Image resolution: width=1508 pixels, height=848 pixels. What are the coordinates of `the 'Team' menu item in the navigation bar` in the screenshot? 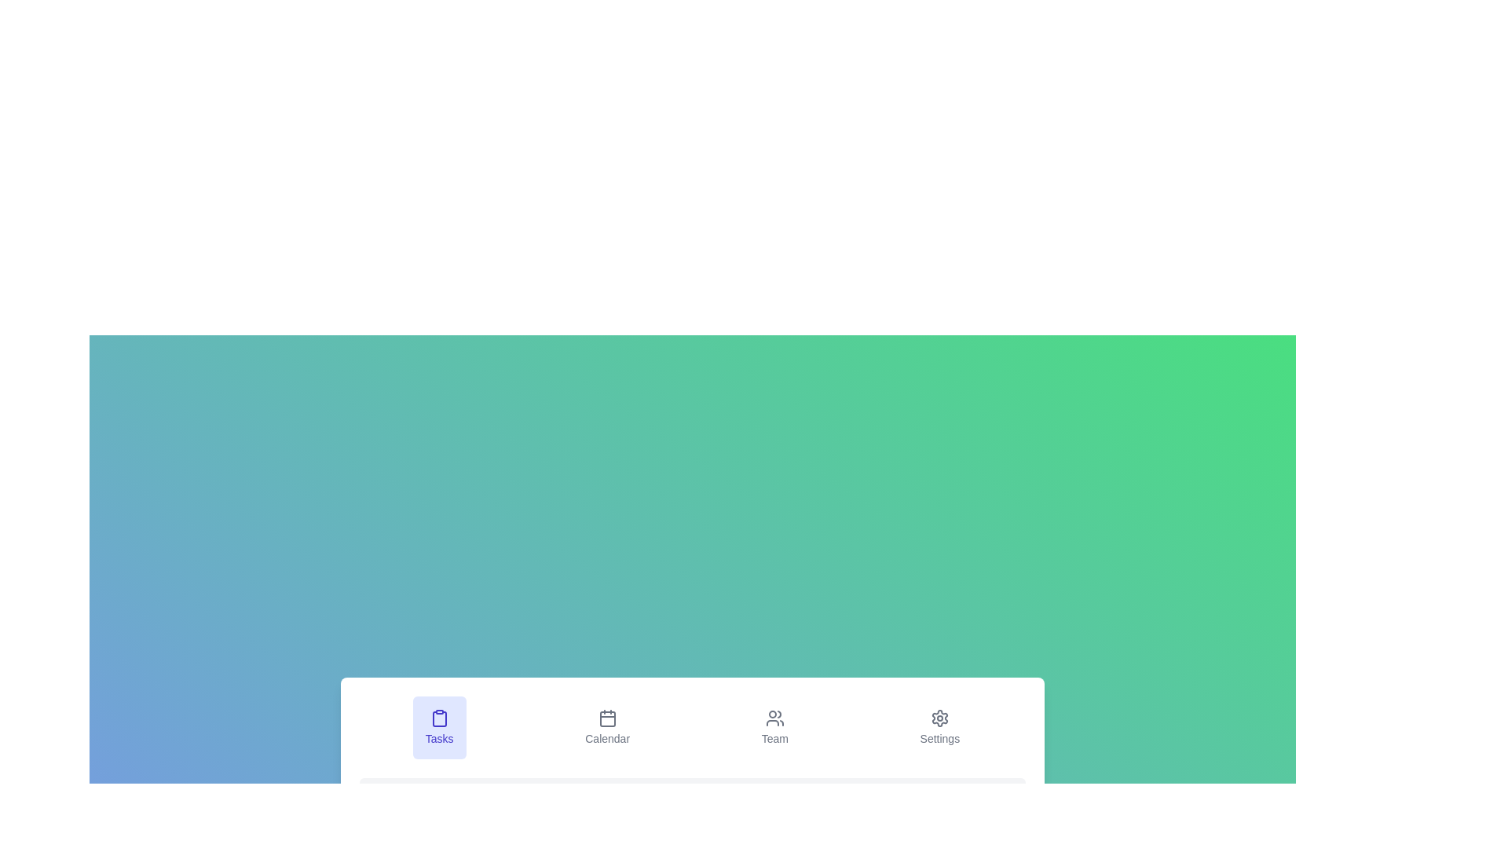 It's located at (692, 727).